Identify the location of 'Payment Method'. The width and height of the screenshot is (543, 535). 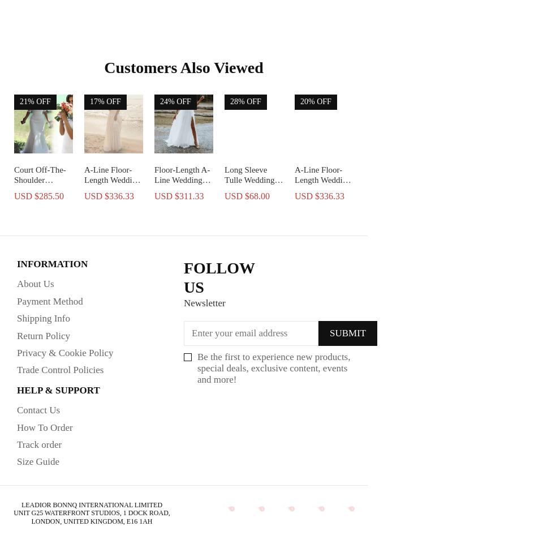
(50, 300).